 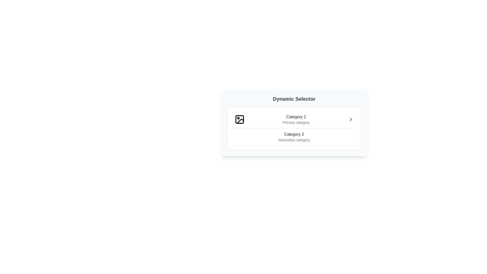 What do you see at coordinates (294, 134) in the screenshot?
I see `text of the label positioned below 'Category 1' and above 'Secondary category' within the content area of the card styled component` at bounding box center [294, 134].